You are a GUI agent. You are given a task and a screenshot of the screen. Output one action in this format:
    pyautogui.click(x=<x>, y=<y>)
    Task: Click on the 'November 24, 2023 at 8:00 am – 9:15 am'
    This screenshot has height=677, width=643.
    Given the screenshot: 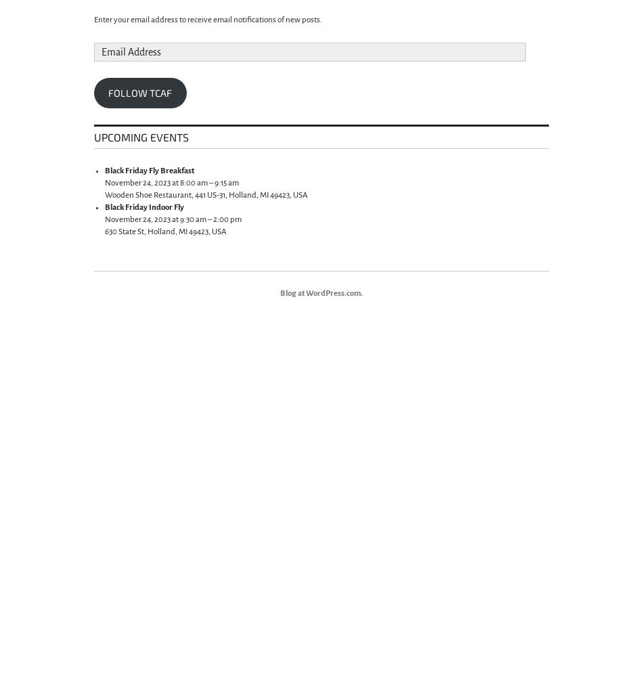 What is the action you would take?
    pyautogui.click(x=171, y=183)
    